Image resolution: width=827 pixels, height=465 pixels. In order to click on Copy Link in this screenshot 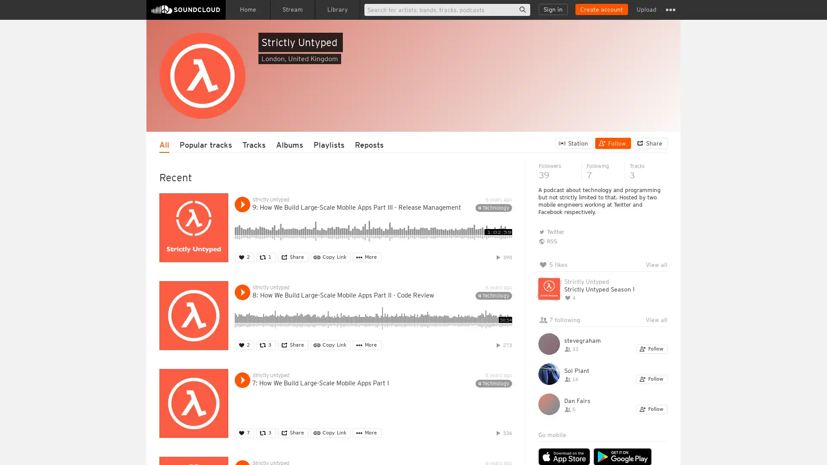, I will do `click(330, 433)`.